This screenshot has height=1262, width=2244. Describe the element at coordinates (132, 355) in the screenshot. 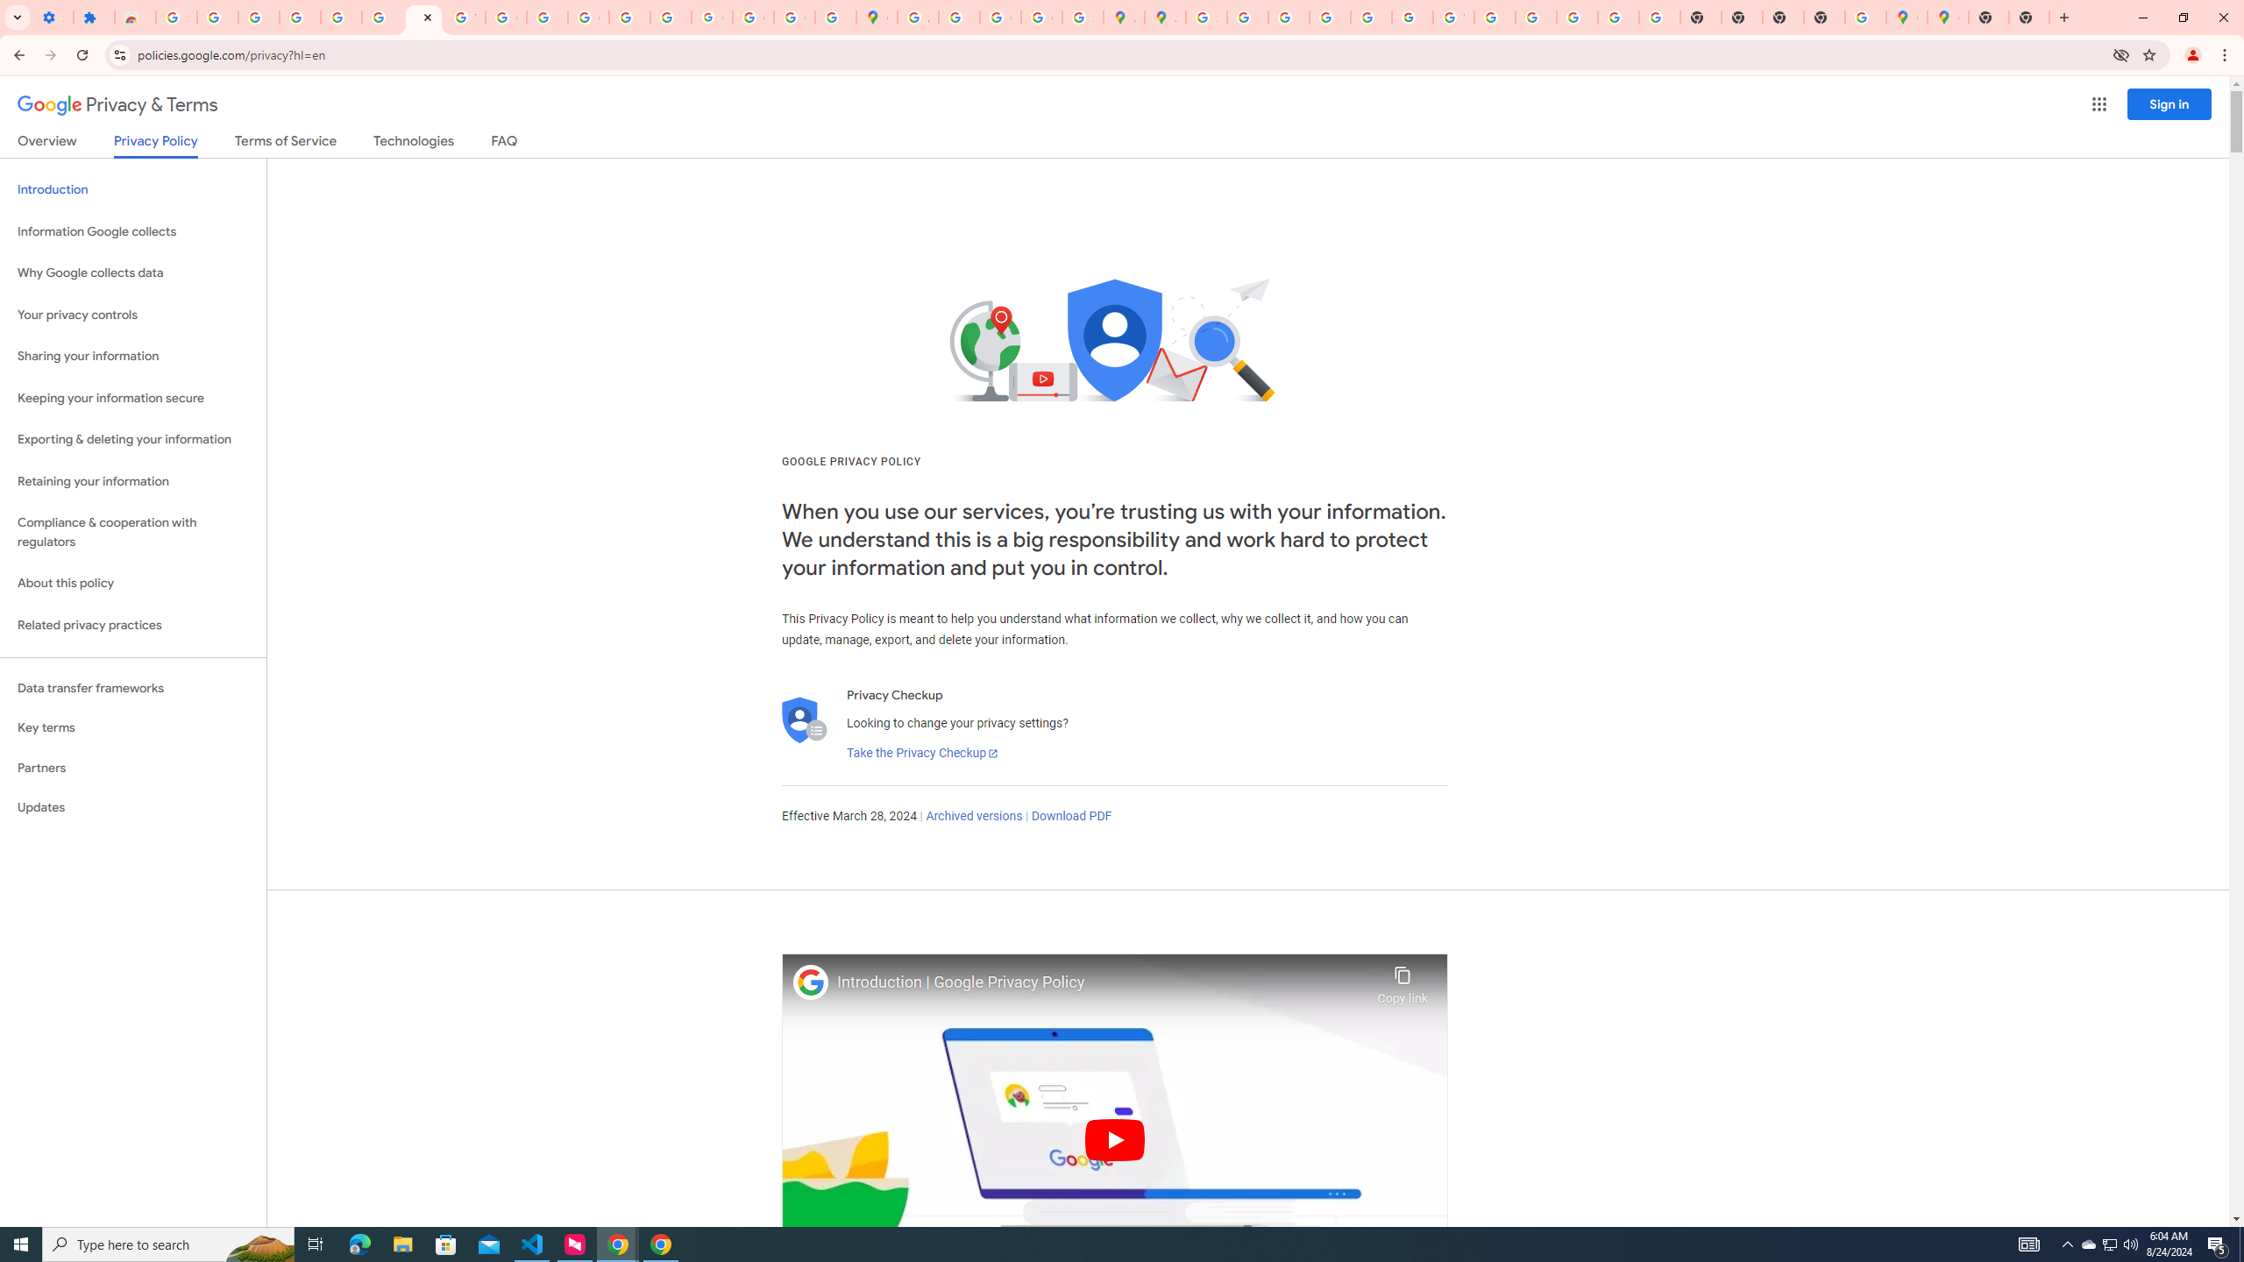

I see `'Sharing your information'` at that location.